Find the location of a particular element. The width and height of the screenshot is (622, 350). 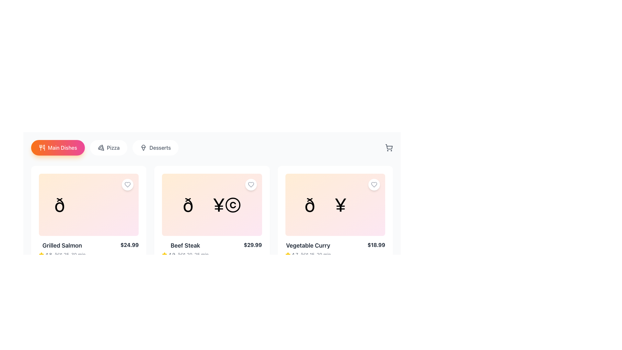

the numerical text "4.9" displayed in light gray color, which indicates a rating for the "Beef Steak" item, positioned beside a yellow star icon in the second card of the menu grid is located at coordinates (172, 254).